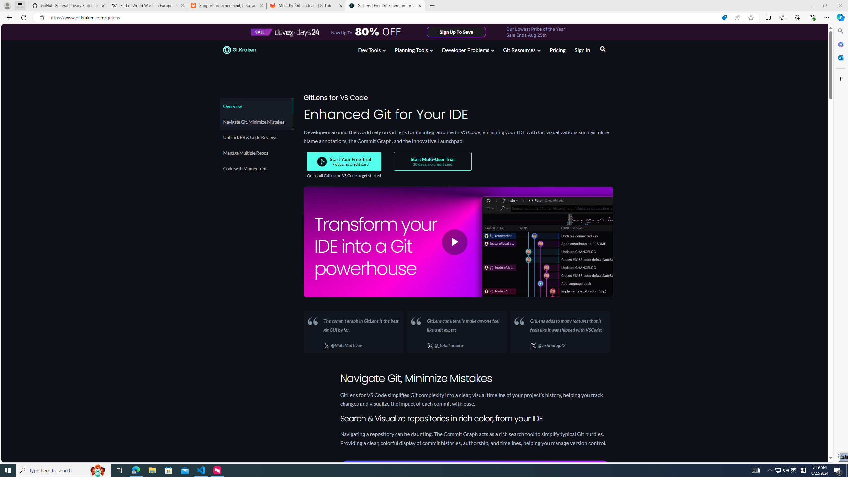 The width and height of the screenshot is (848, 477). Describe the element at coordinates (152, 470) in the screenshot. I see `'File Explorer'` at that location.